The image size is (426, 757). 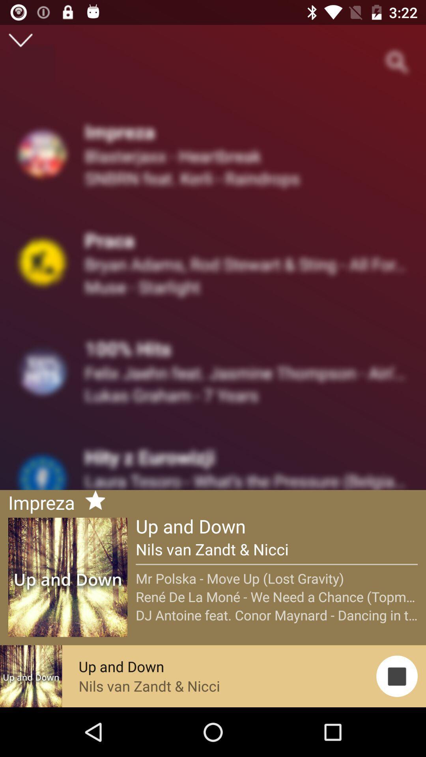 I want to click on icon to the right of impreza icon, so click(x=92, y=501).